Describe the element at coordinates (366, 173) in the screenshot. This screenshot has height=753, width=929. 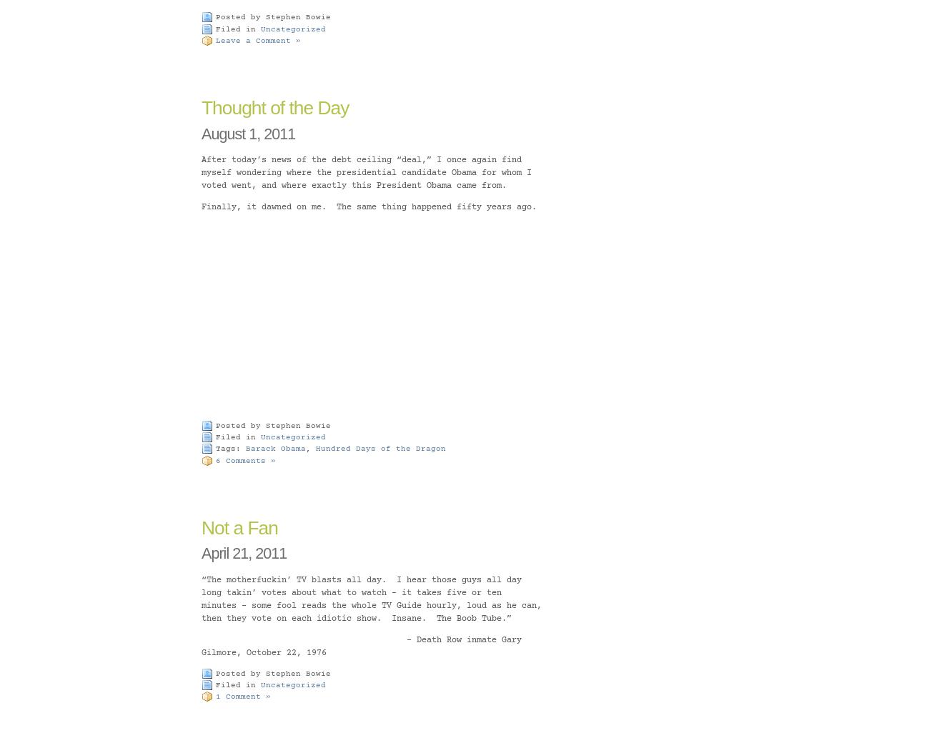
I see `'After today’s news of the debt ceiling “deal,” I once again find myself wondering where the presidential candidate Obama for whom I voted went, and where exactly this President Obama came from.'` at that location.